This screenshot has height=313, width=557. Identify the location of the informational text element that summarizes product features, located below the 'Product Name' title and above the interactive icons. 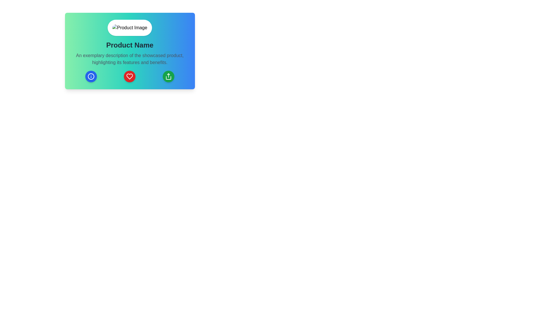
(129, 59).